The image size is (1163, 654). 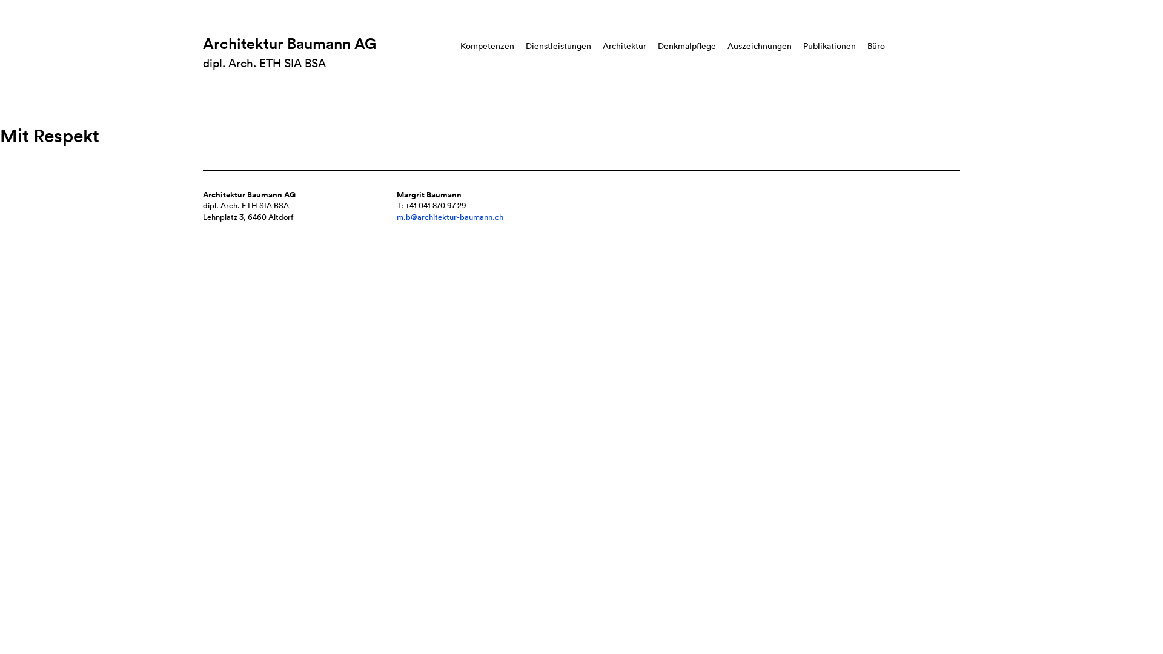 I want to click on 'Architektur Baumann AG', so click(x=289, y=43).